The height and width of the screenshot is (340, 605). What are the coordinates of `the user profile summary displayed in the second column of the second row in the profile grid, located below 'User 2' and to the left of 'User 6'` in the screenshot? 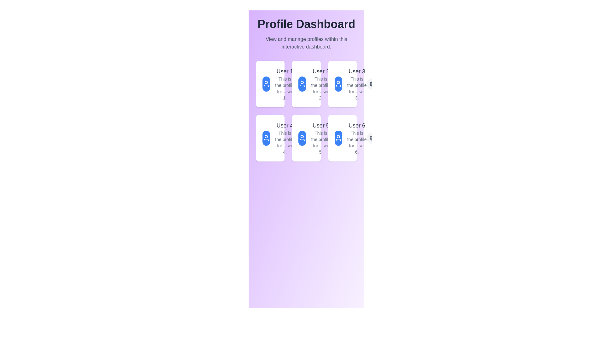 It's located at (321, 138).